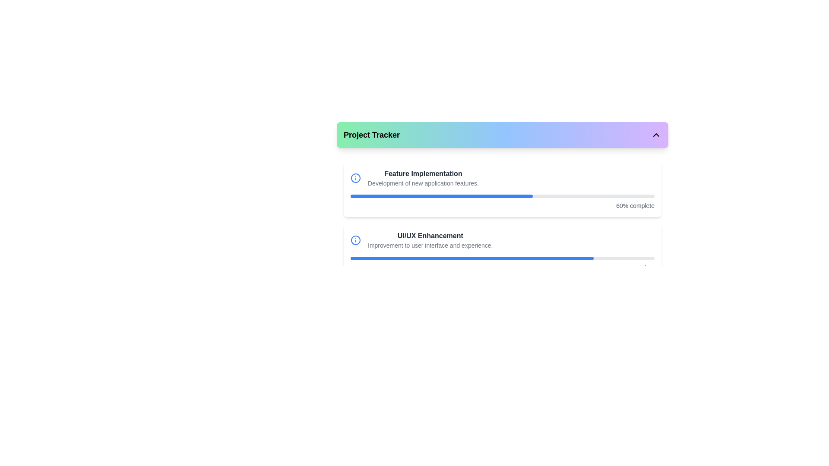 The image size is (829, 466). What do you see at coordinates (502, 251) in the screenshot?
I see `task description and progress information from the Progress Tracker Component indicating it is 80% complete, located under 'Project Tracker' and above 'Testing and Validation'` at bounding box center [502, 251].